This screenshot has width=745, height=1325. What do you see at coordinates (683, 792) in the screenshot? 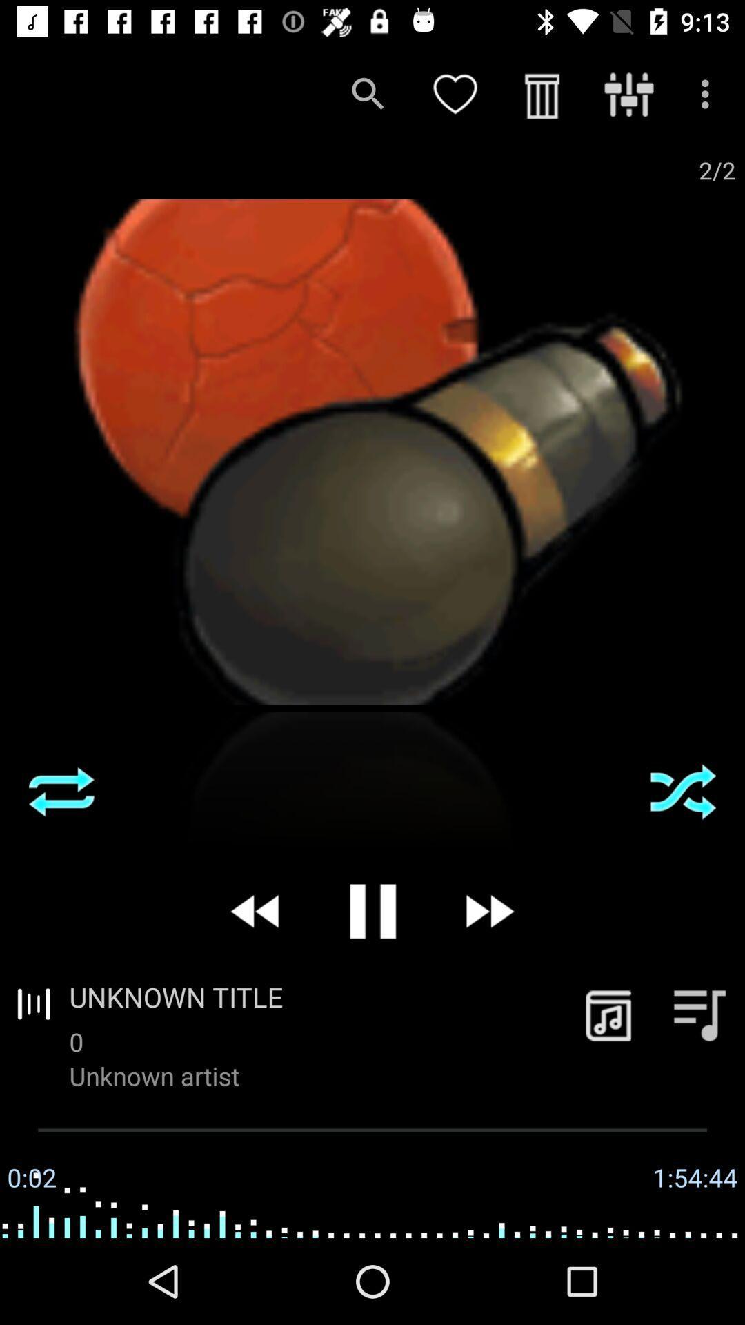
I see `shuffle` at bounding box center [683, 792].